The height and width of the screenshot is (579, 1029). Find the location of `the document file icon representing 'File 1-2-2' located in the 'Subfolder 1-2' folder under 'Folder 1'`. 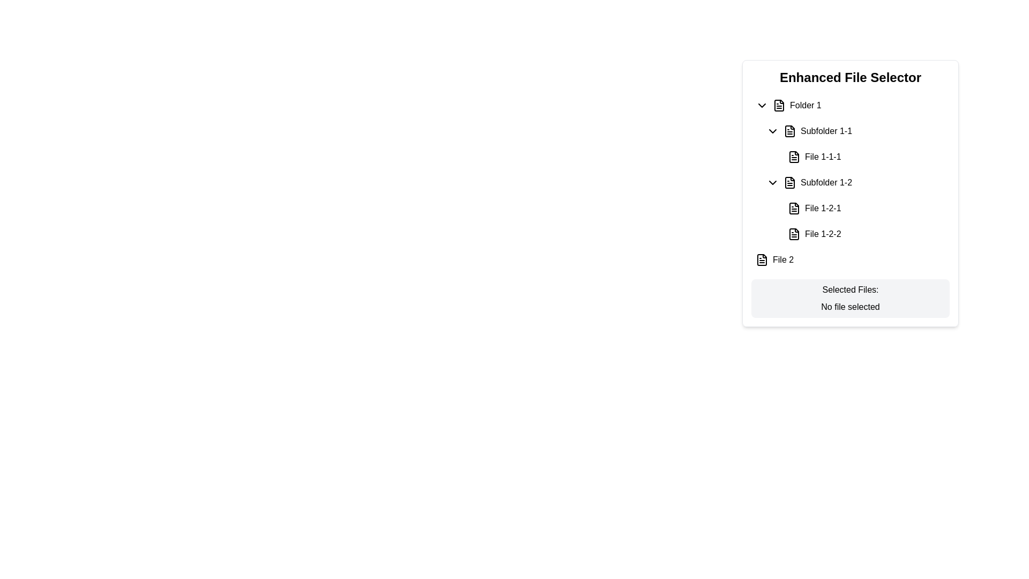

the document file icon representing 'File 1-2-2' located in the 'Subfolder 1-2' folder under 'Folder 1' is located at coordinates (794, 233).